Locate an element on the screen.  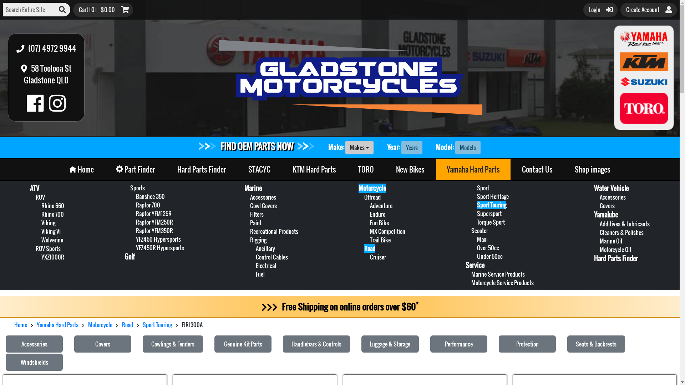
'Water Vehicle' is located at coordinates (611, 188).